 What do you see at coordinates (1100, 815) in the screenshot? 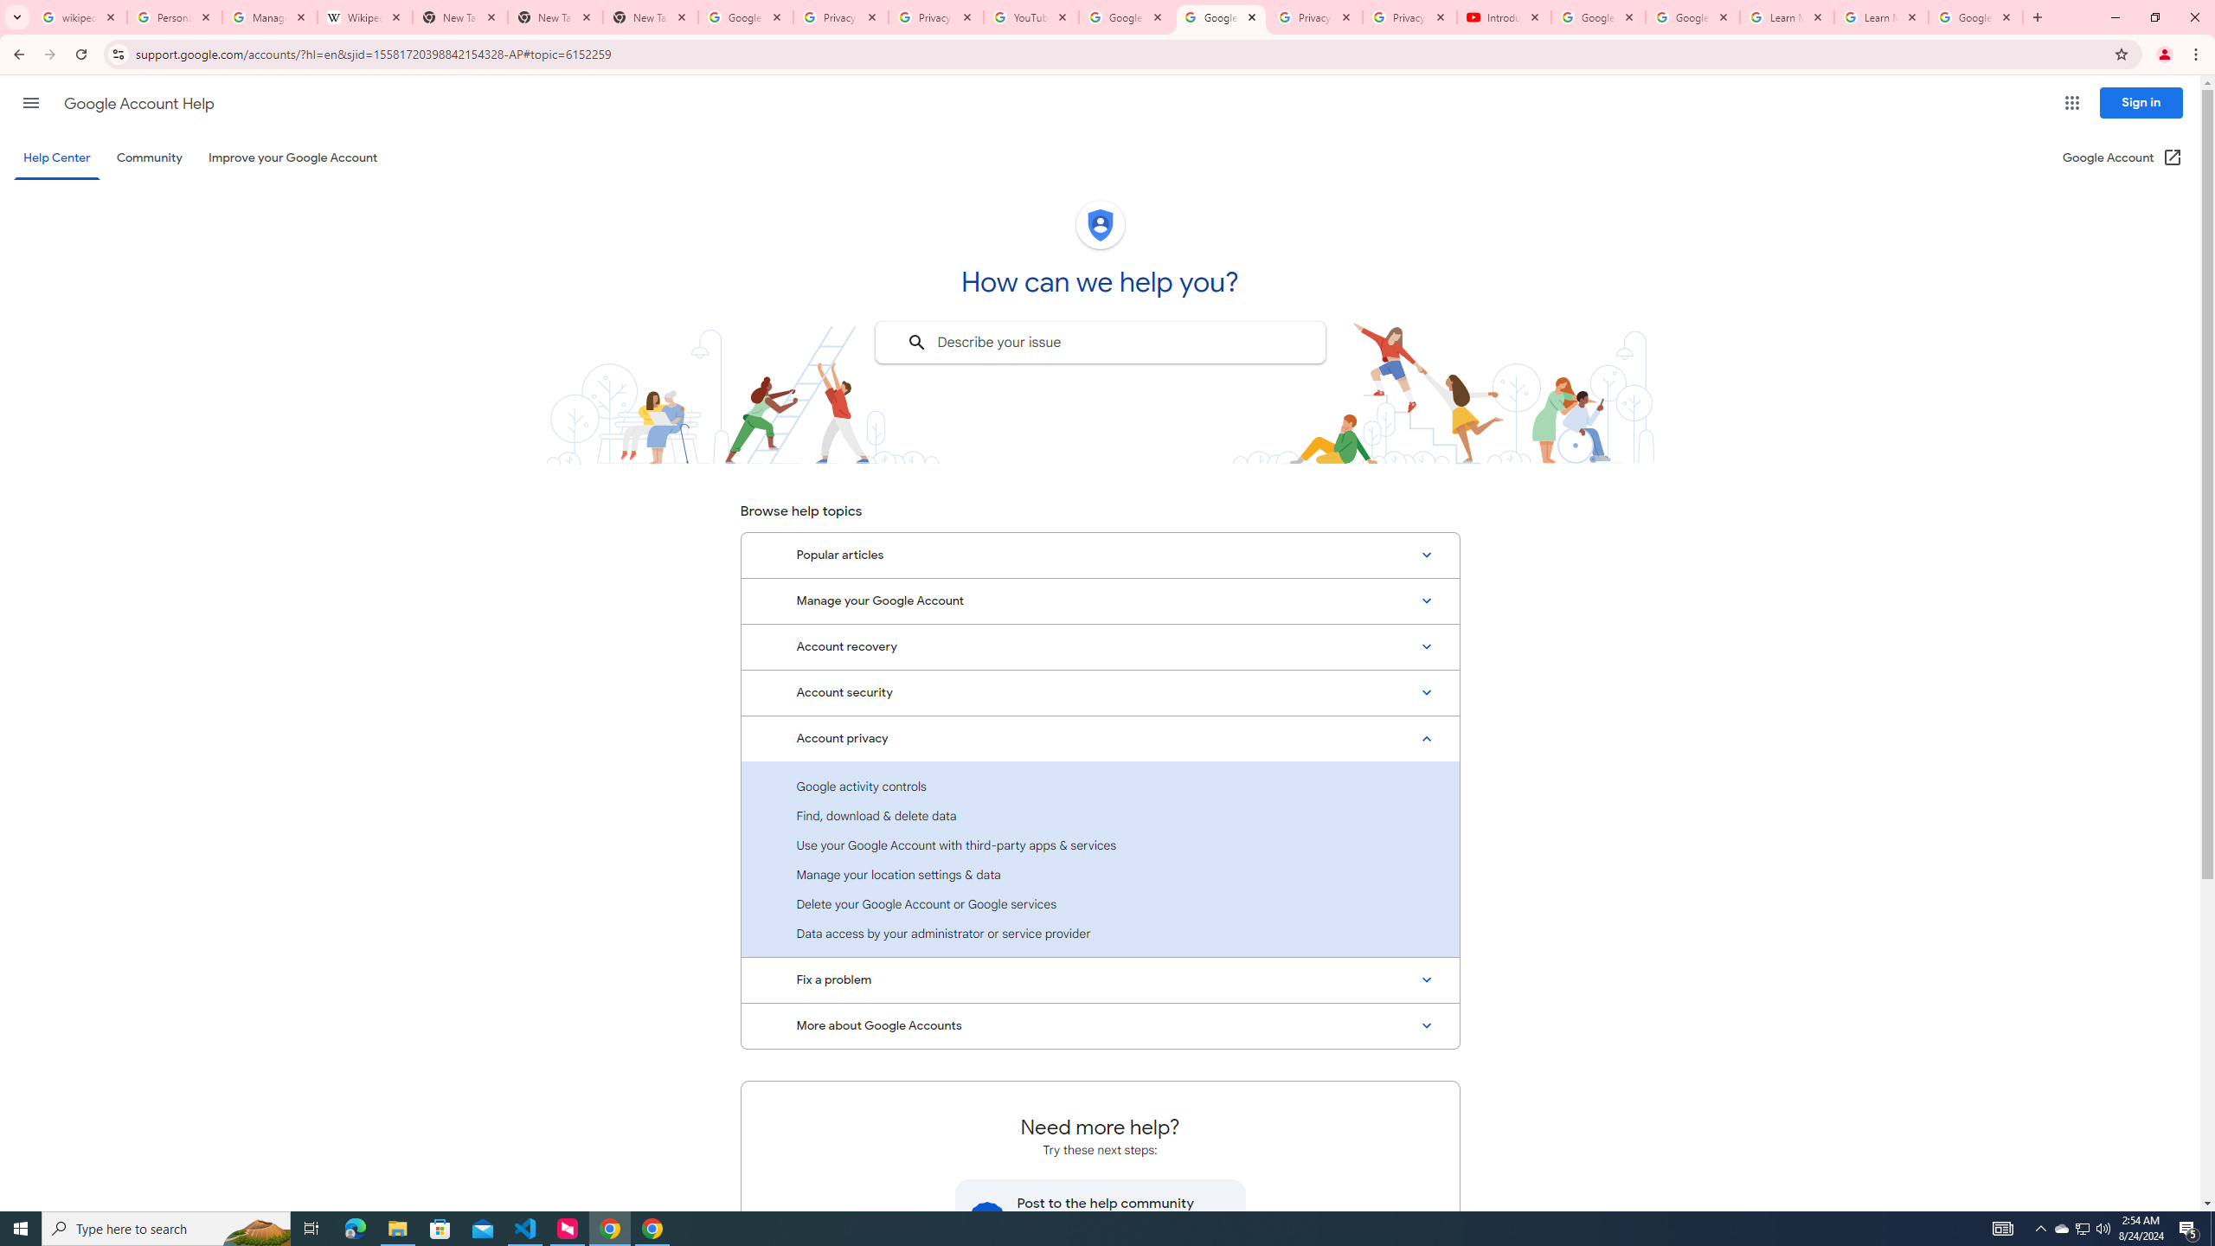
I see `'Find, download & delete data'` at bounding box center [1100, 815].